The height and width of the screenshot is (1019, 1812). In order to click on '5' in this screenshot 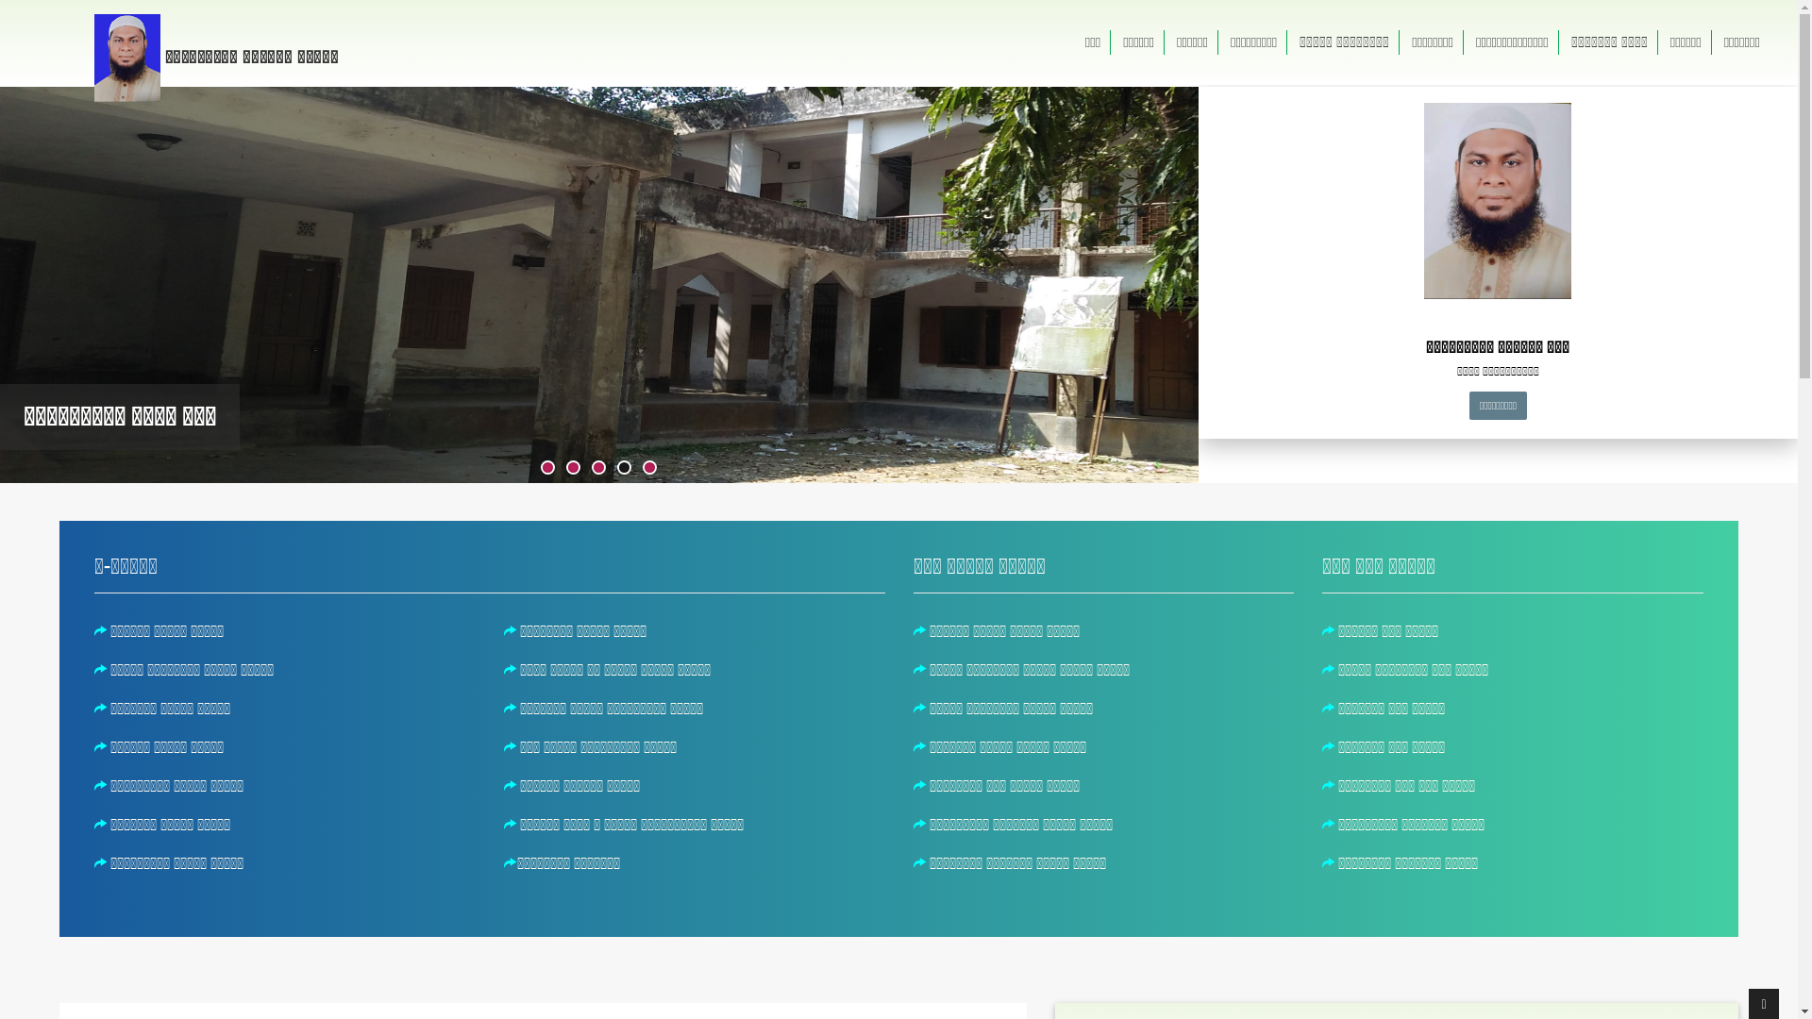, I will do `click(649, 467)`.